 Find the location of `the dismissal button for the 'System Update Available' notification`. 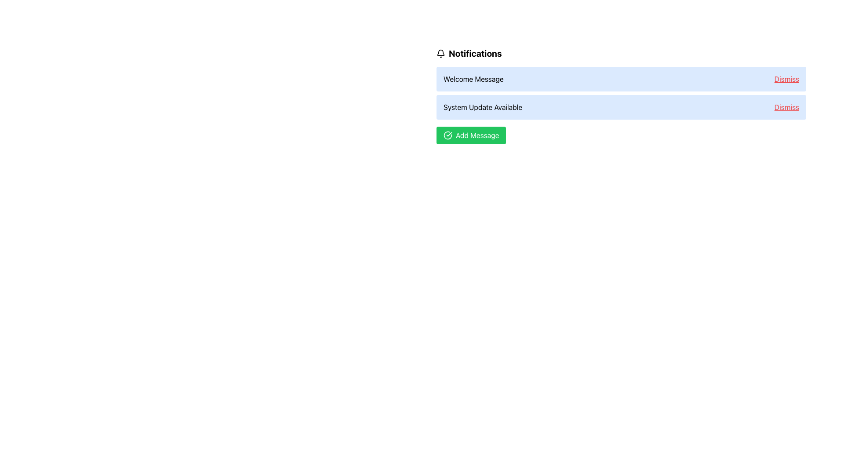

the dismissal button for the 'System Update Available' notification is located at coordinates (786, 106).